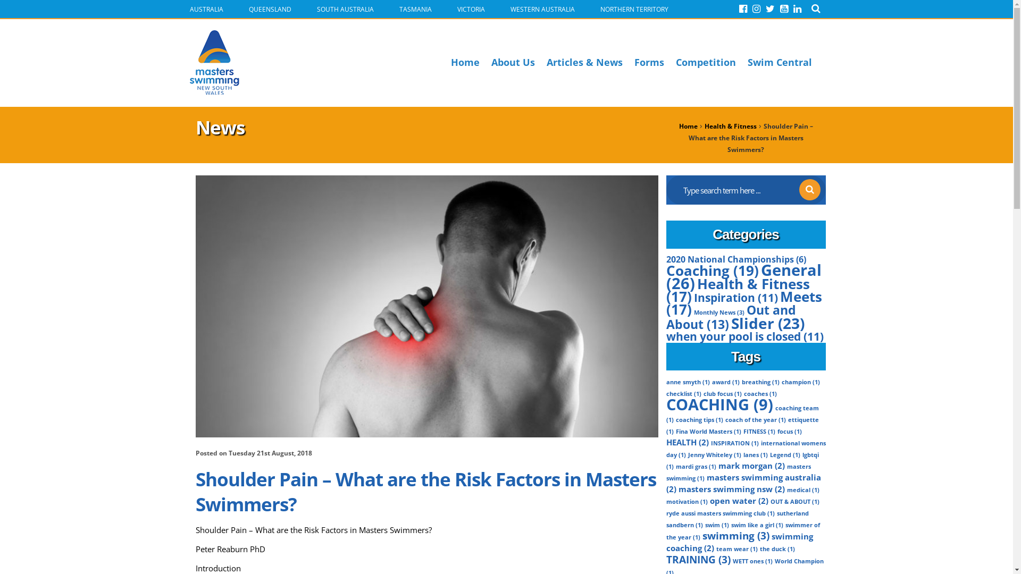  I want to click on 'General (26)', so click(742, 276).